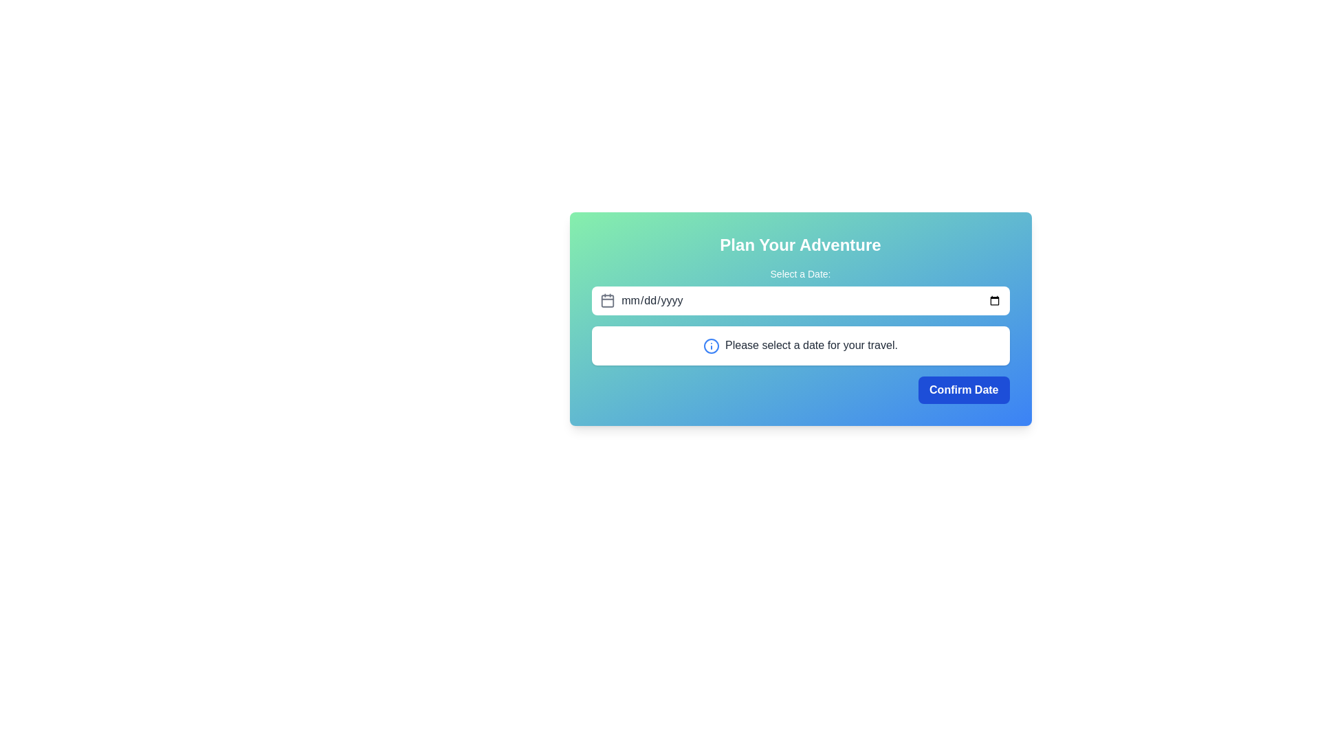  Describe the element at coordinates (606, 300) in the screenshot. I see `the date input icon located at the leftmost part of the horizontal group containing the date input field` at that location.